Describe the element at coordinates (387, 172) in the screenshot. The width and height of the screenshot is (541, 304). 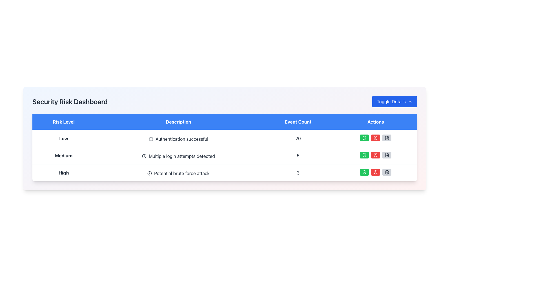
I see `the last button in the 'Actions' column associated with the 'High' risk level entry` at that location.